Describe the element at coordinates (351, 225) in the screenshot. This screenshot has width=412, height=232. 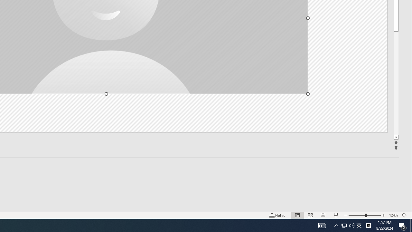
I see `'Notification Chevron'` at that location.